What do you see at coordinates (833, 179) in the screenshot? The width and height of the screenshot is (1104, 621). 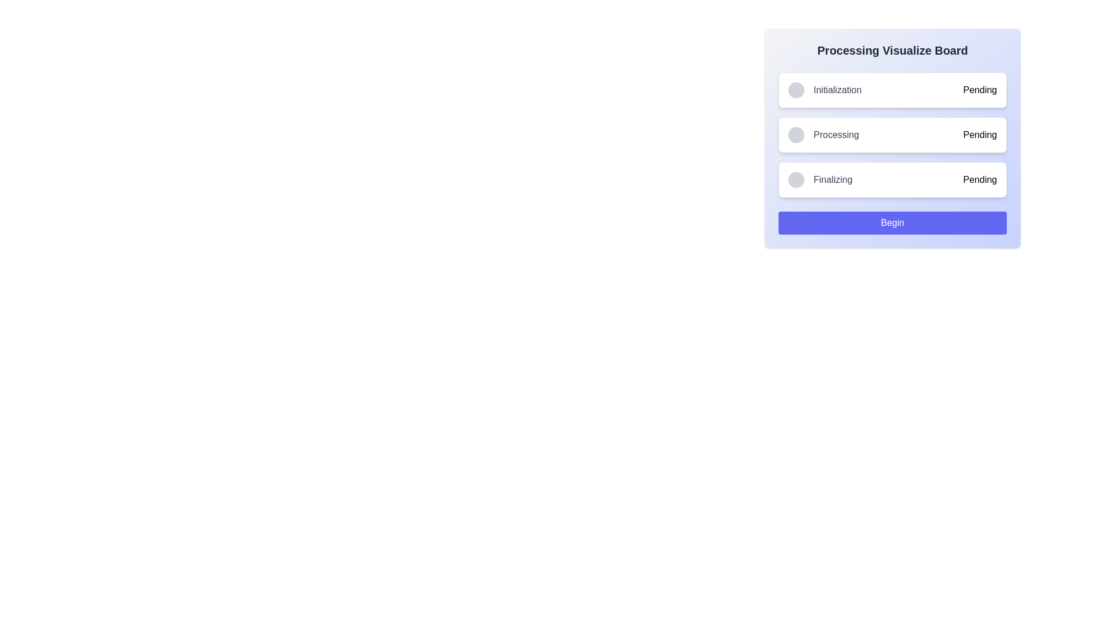 I see `the 'Finalizing' text label that indicates the status of a process in the 'Processing Visualize Board' section` at bounding box center [833, 179].